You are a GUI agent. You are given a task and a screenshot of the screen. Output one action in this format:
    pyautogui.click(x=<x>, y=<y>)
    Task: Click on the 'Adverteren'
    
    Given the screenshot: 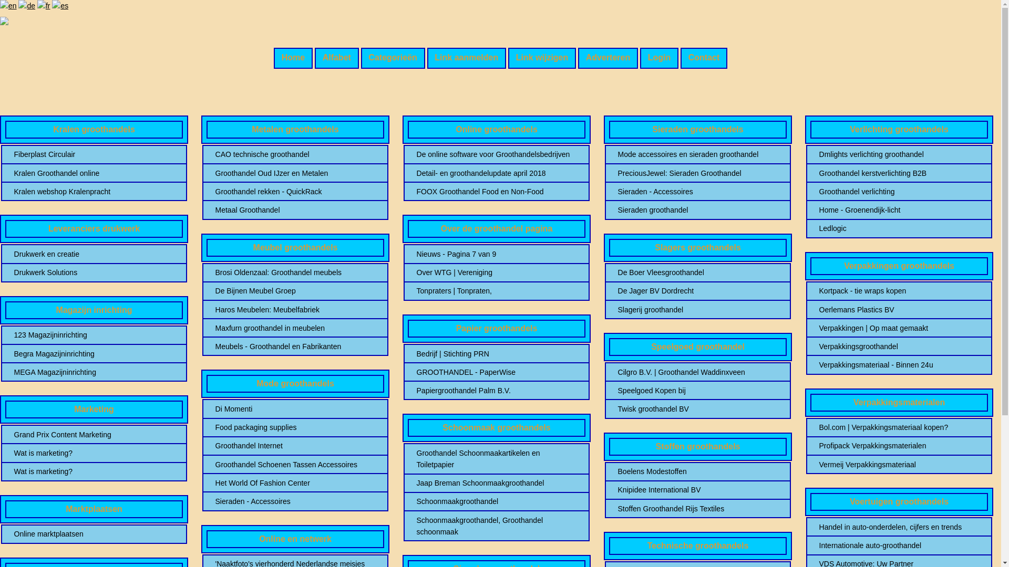 What is the action you would take?
    pyautogui.click(x=608, y=58)
    